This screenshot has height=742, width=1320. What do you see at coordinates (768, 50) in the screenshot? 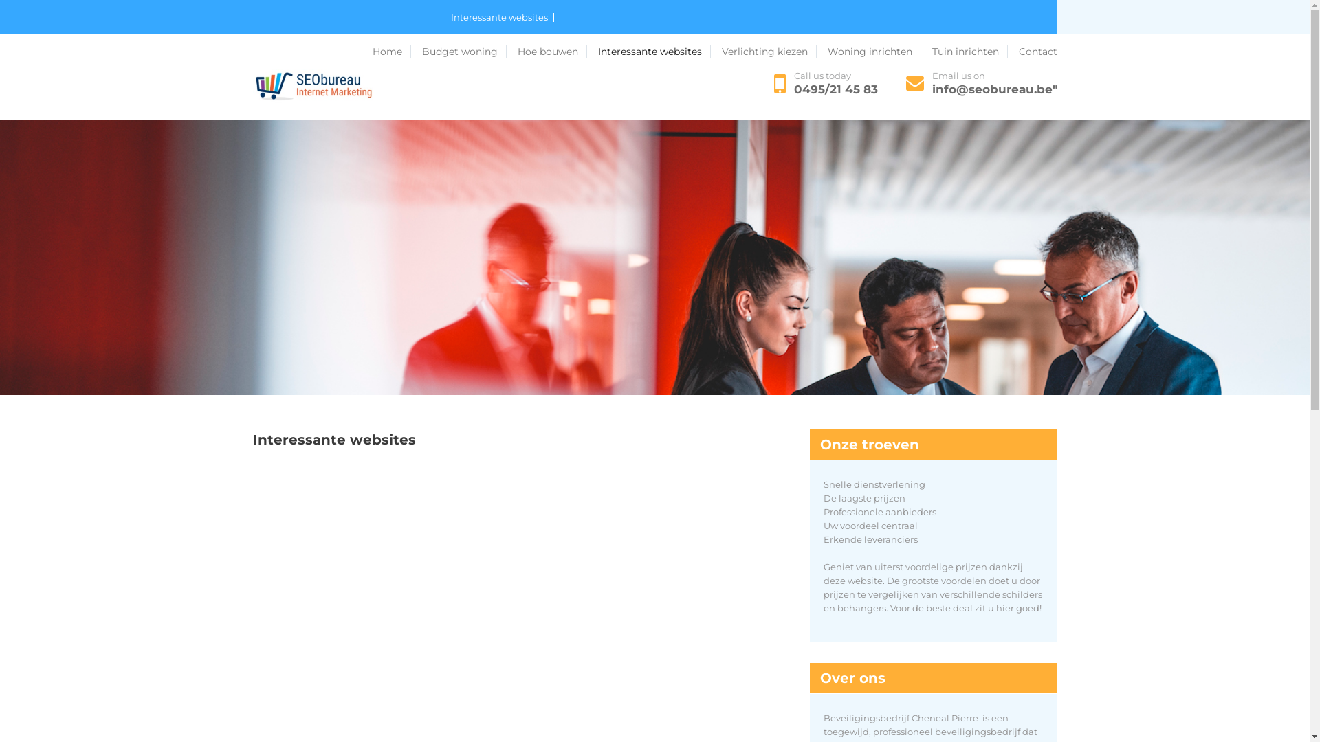
I see `'Verlichting kiezen'` at bounding box center [768, 50].